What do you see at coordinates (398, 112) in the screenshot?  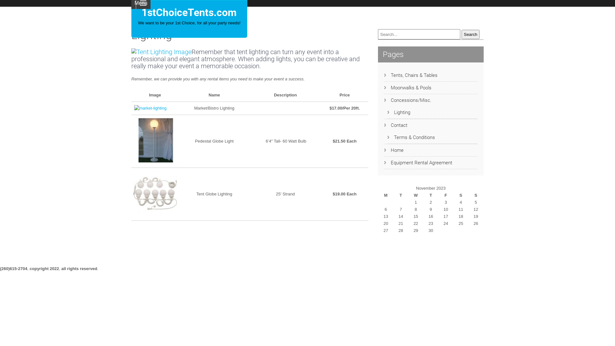 I see `'Lighting'` at bounding box center [398, 112].